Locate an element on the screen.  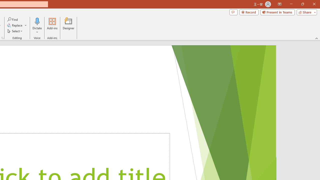
'Replace...' is located at coordinates (15, 25).